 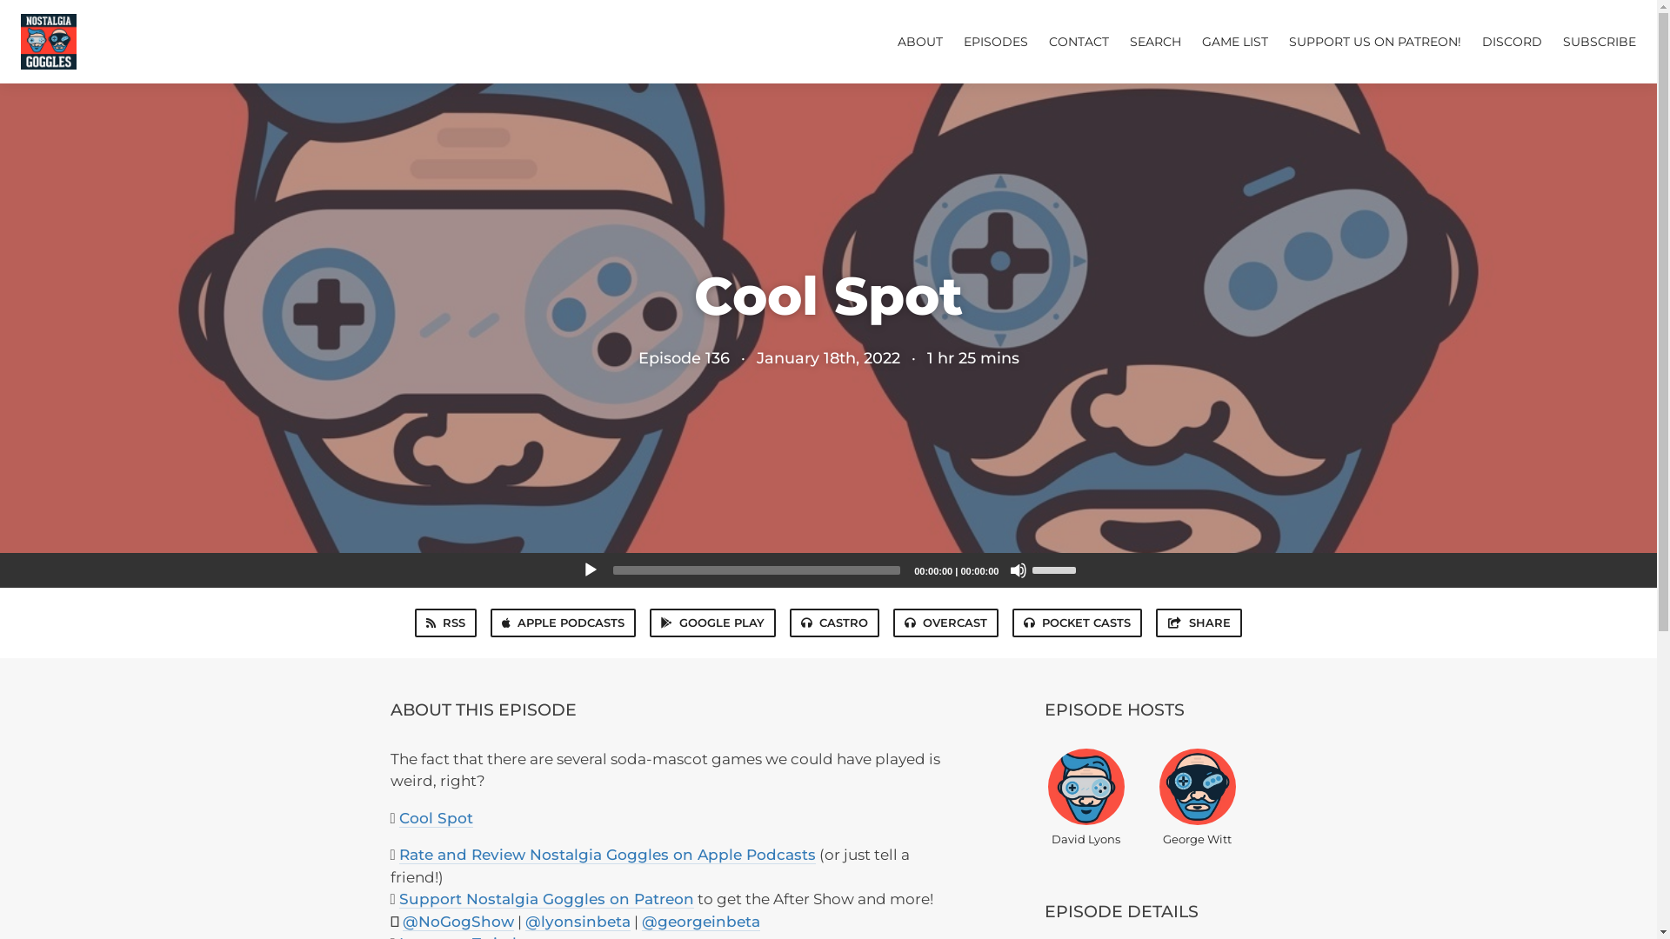 I want to click on '@NoGogShow', so click(x=458, y=921).